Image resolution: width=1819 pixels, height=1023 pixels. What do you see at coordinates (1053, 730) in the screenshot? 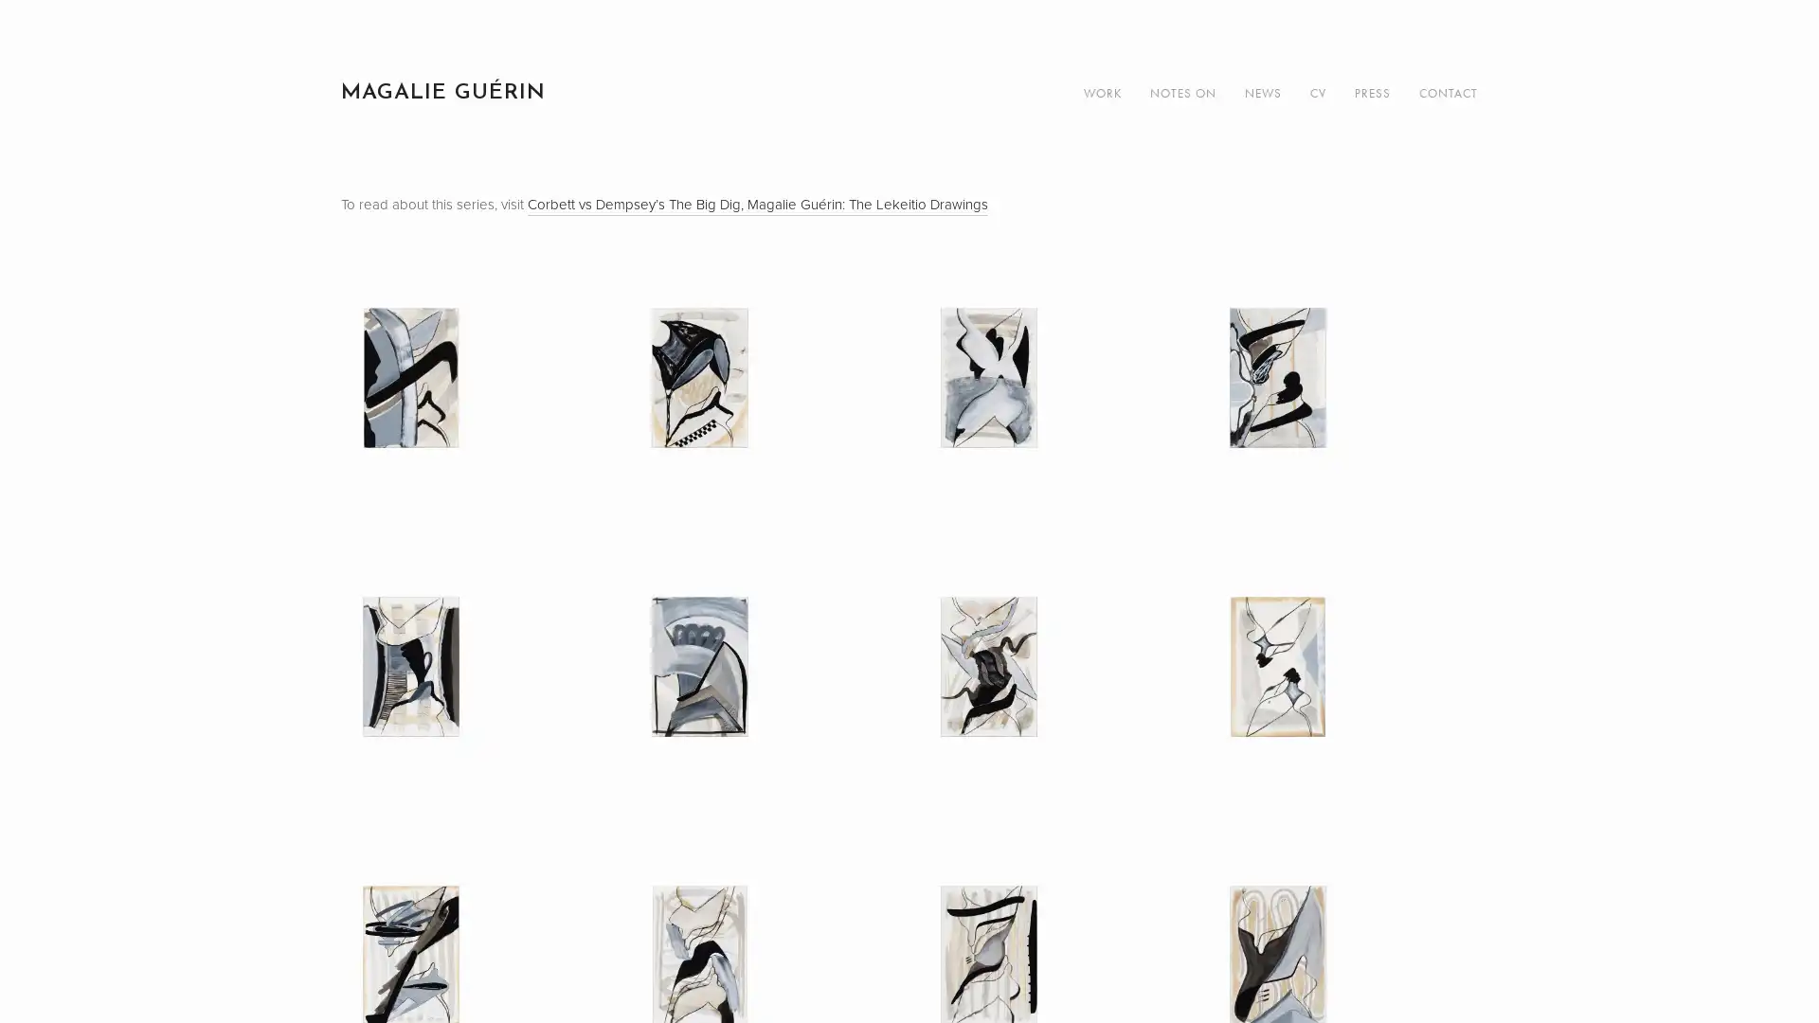
I see `View fullsize Untitled (LK 07), 2019` at bounding box center [1053, 730].